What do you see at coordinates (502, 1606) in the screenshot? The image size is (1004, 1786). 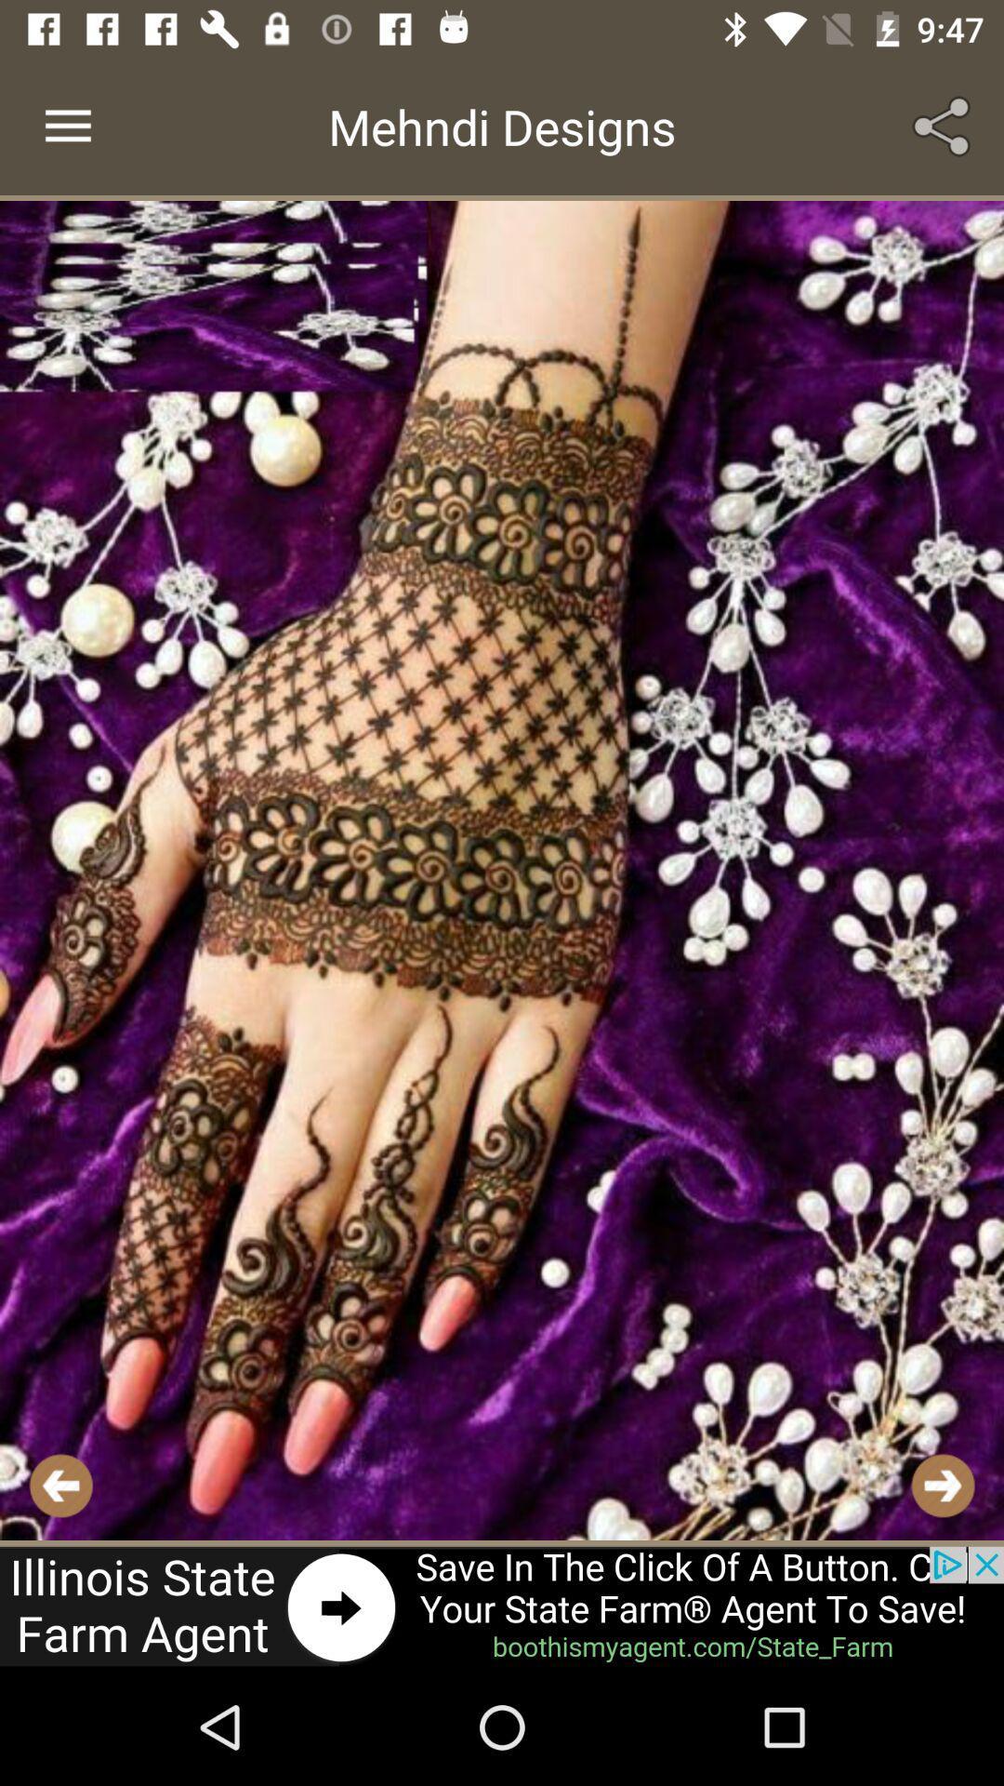 I see `advertisement` at bounding box center [502, 1606].